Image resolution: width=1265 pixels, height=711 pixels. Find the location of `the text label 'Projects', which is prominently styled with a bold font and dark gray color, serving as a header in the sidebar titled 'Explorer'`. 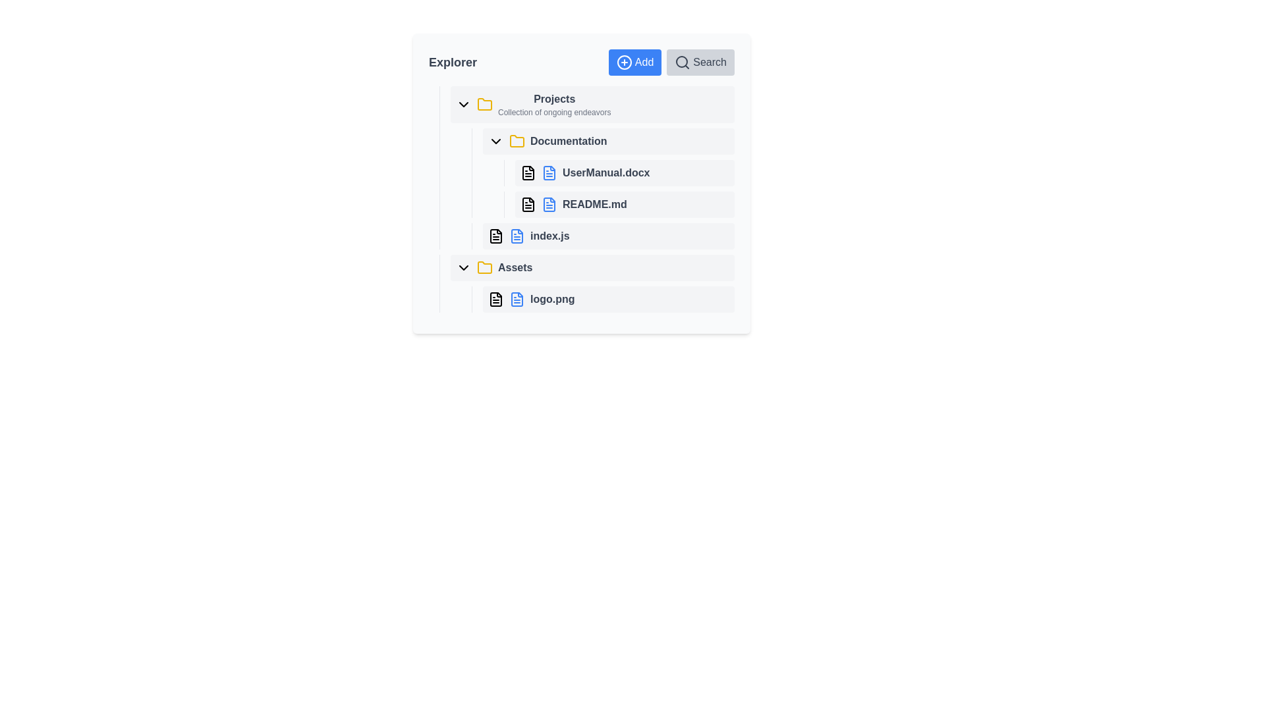

the text label 'Projects', which is prominently styled with a bold font and dark gray color, serving as a header in the sidebar titled 'Explorer' is located at coordinates (554, 98).